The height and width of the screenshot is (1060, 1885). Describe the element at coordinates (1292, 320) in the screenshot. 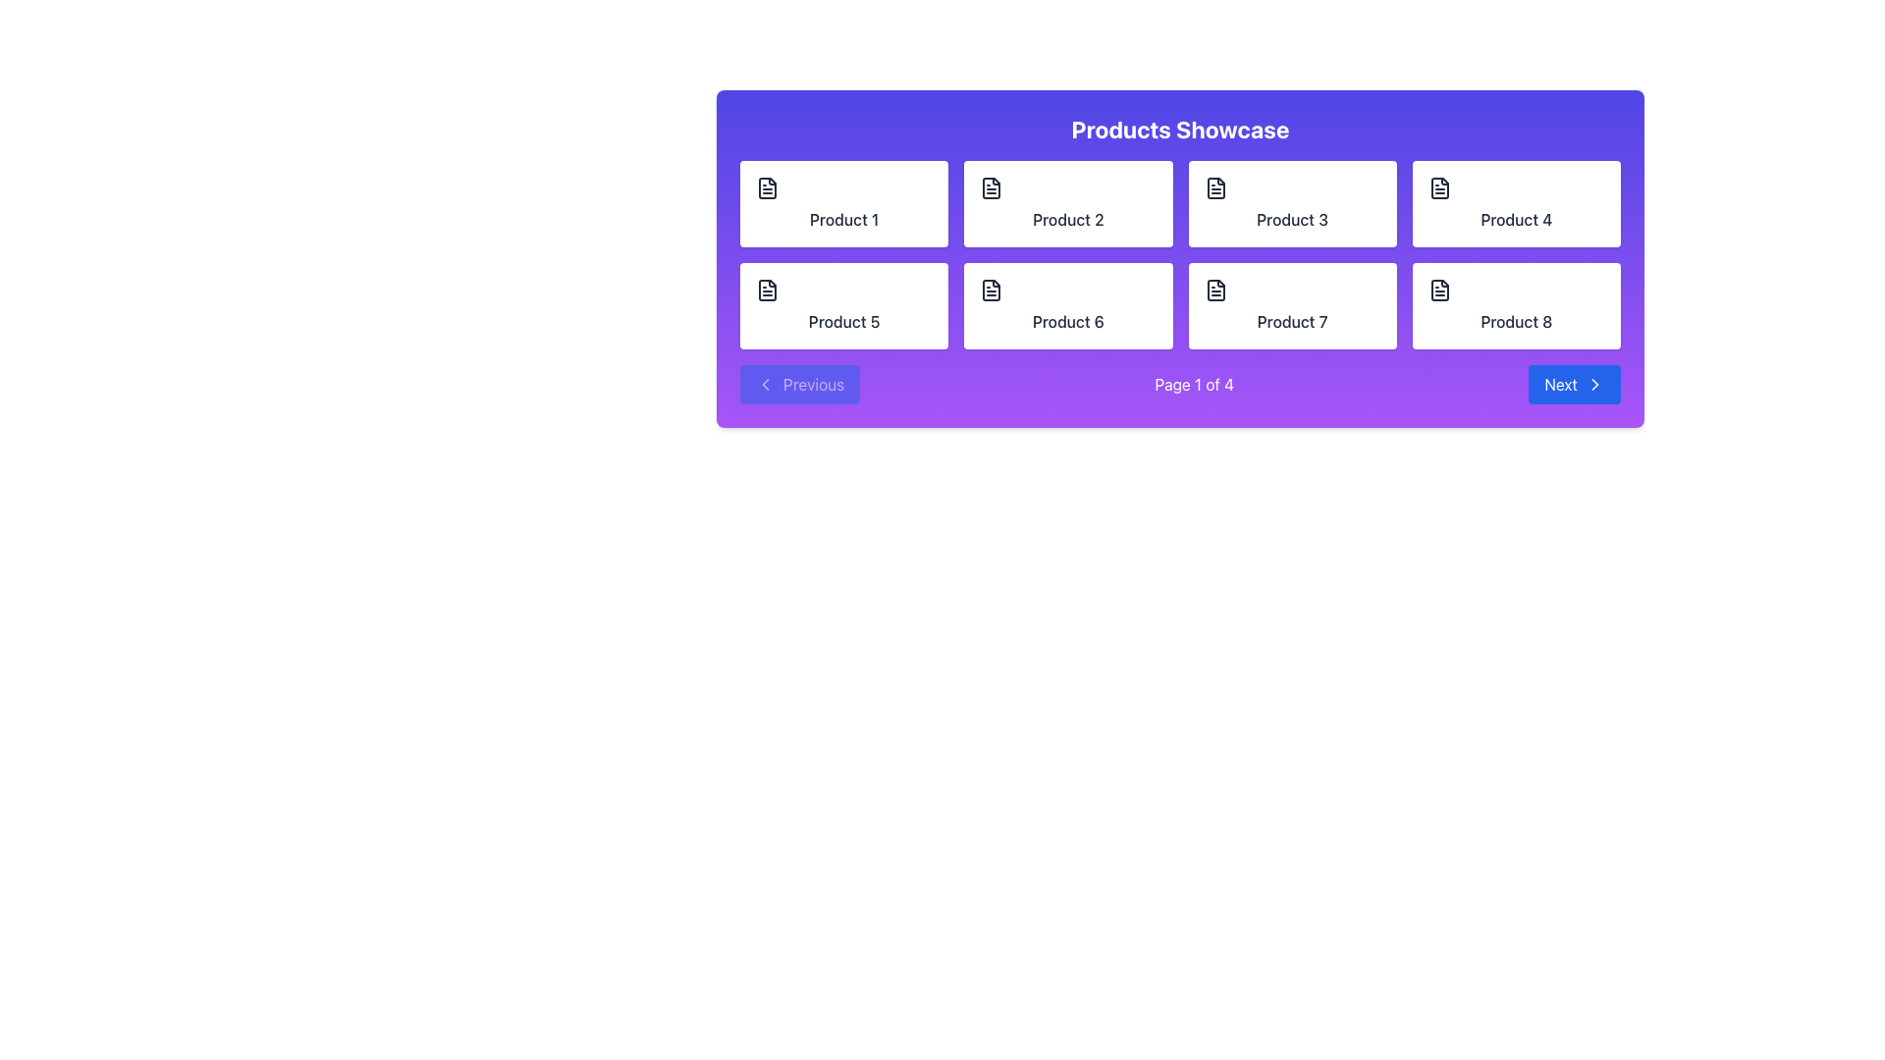

I see `text label 'Product 7' located in the seventh card of the product showcase, positioned in the second row and third column` at that location.